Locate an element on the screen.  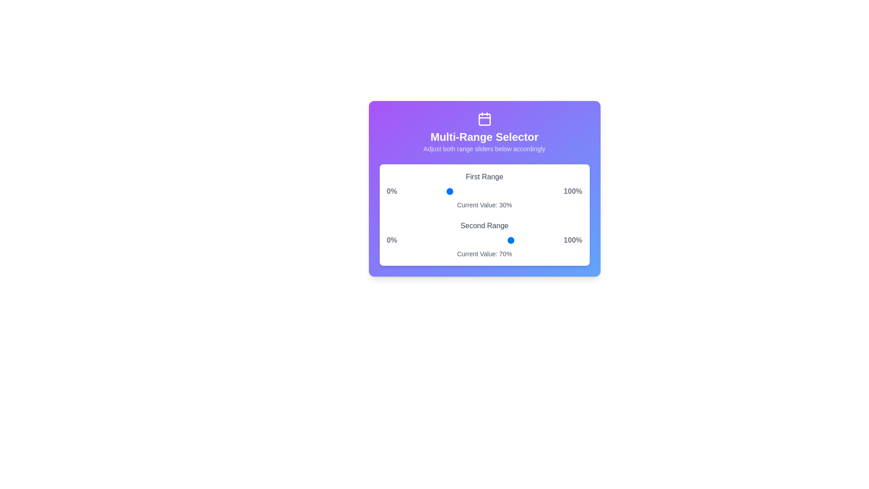
the text display that shows 'Current Value: 70%' which is styled as informative text and located under the 'Second Range' slider is located at coordinates (484, 254).